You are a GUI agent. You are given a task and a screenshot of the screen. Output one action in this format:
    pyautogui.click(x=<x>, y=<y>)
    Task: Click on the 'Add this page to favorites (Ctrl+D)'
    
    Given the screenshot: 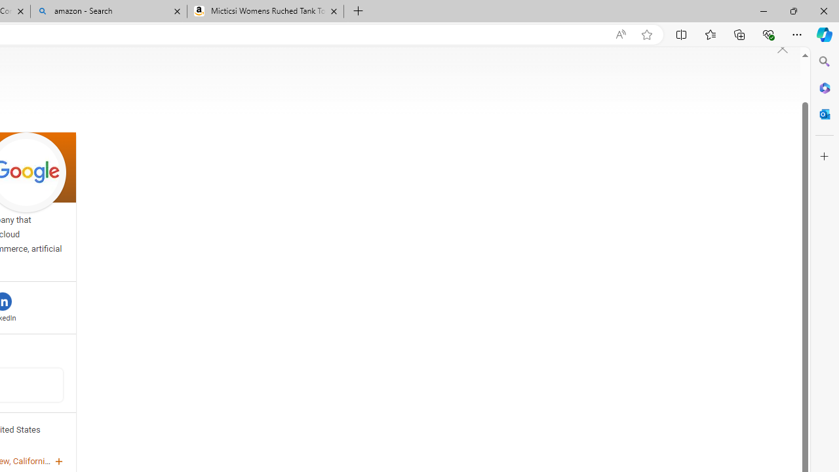 What is the action you would take?
    pyautogui.click(x=646, y=34)
    